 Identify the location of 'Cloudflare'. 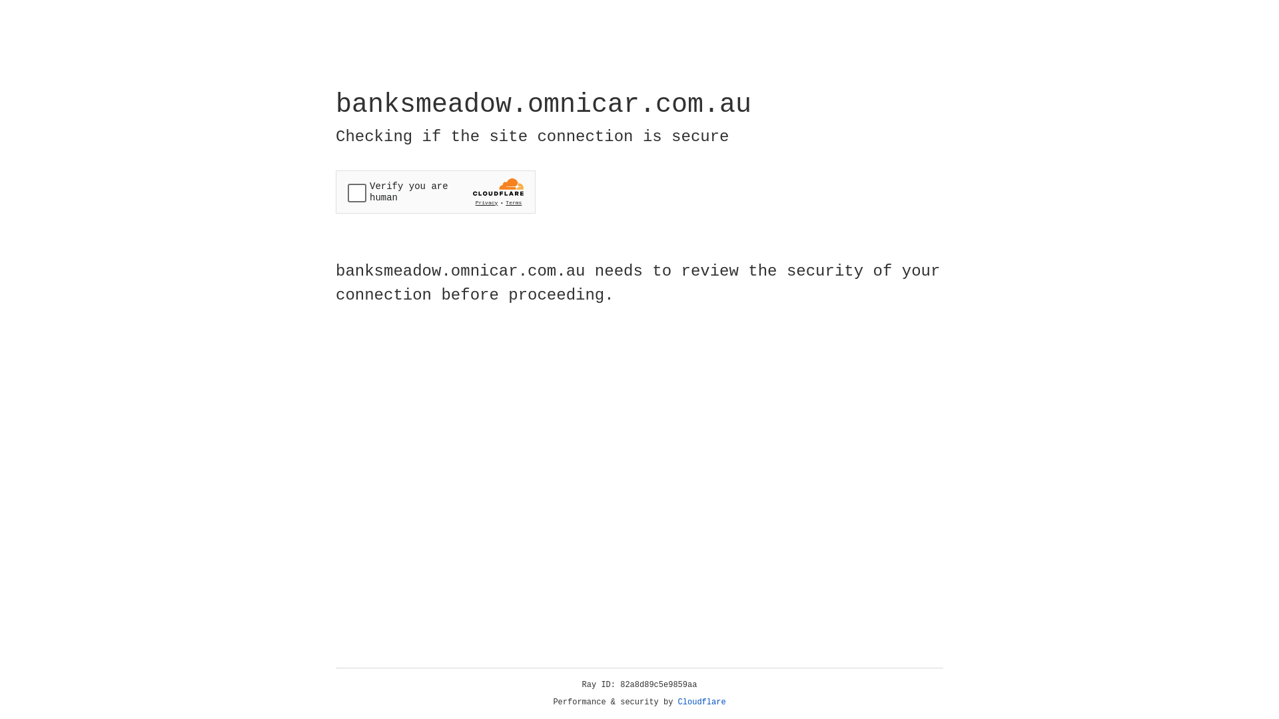
(701, 702).